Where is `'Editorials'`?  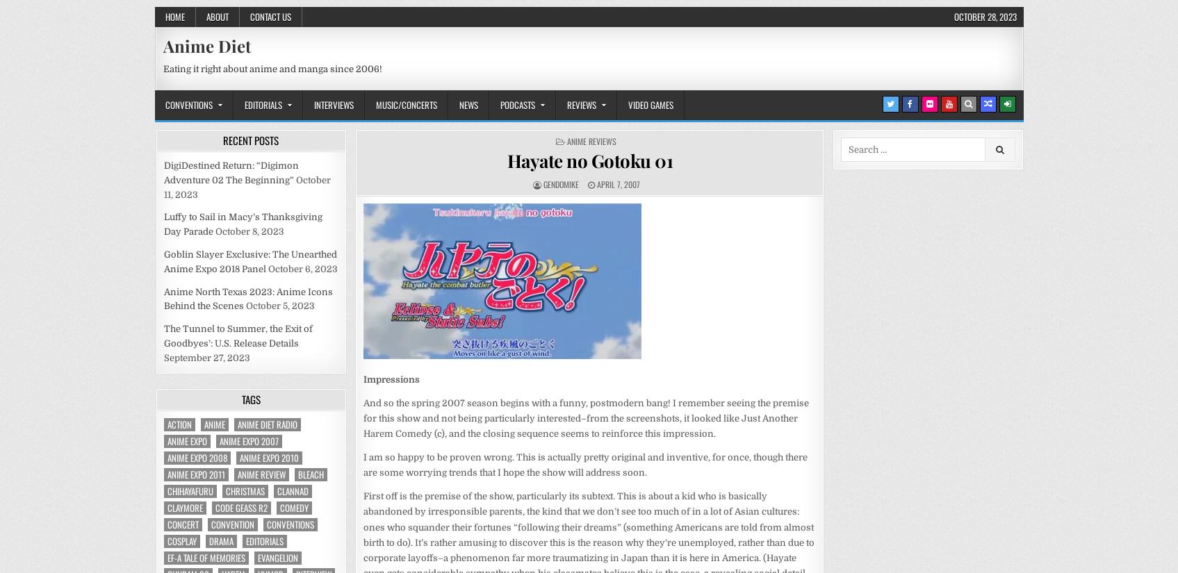
'Editorials' is located at coordinates (245, 539).